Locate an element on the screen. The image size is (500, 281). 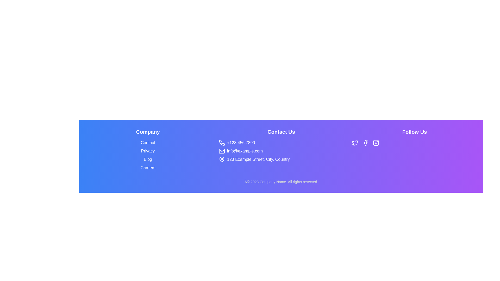
the phone contact icon located in the 'Contact Us' section of the footer, which is the first icon in its column, positioned between the 'Company' and 'Follow Us' sections is located at coordinates (222, 143).